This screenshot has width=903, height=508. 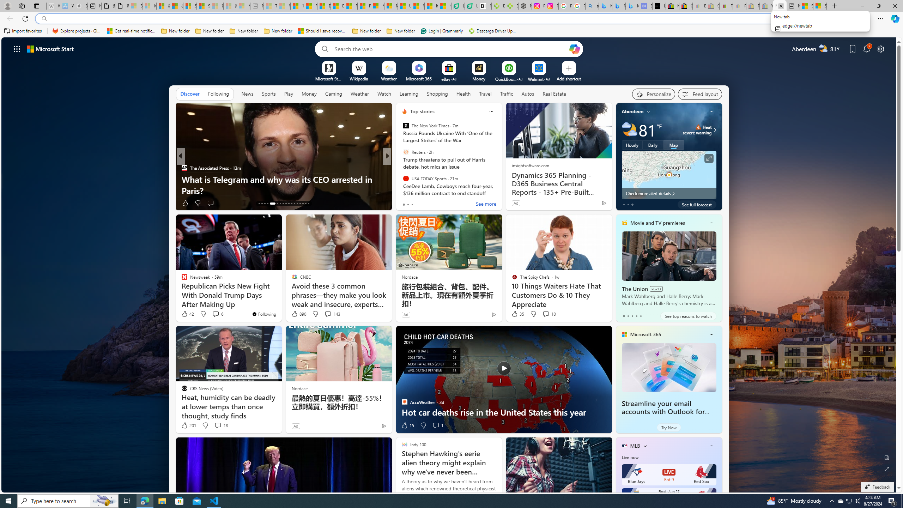 What do you see at coordinates (243, 6) in the screenshot?
I see `'Microsoft account | Account Checkup - Sleeping'` at bounding box center [243, 6].